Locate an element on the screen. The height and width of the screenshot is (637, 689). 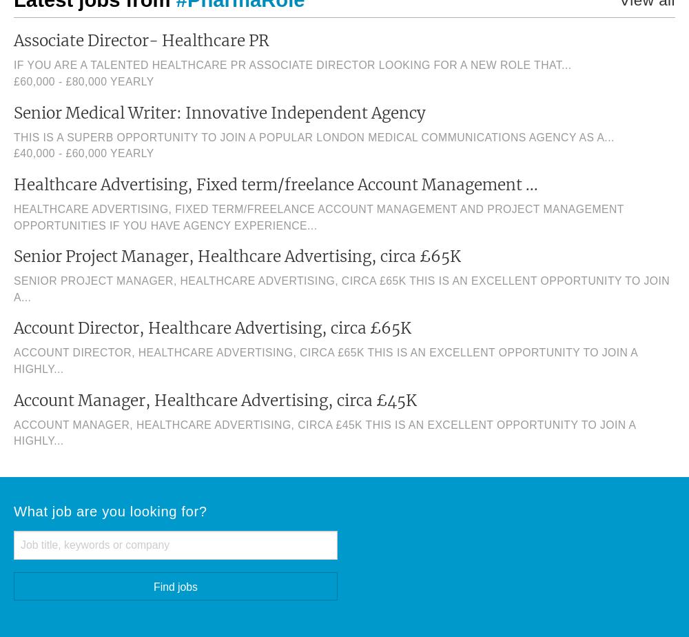
'Find jobs' is located at coordinates (175, 586).